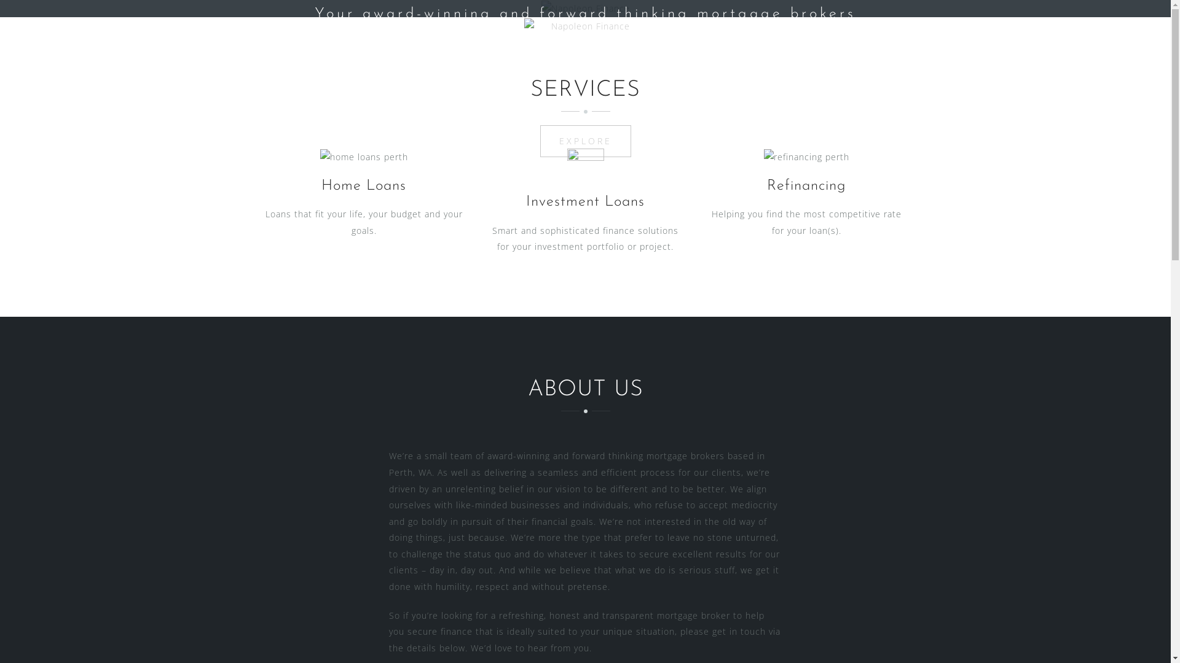 The width and height of the screenshot is (1180, 663). I want to click on 'Contact Us', so click(685, 64).